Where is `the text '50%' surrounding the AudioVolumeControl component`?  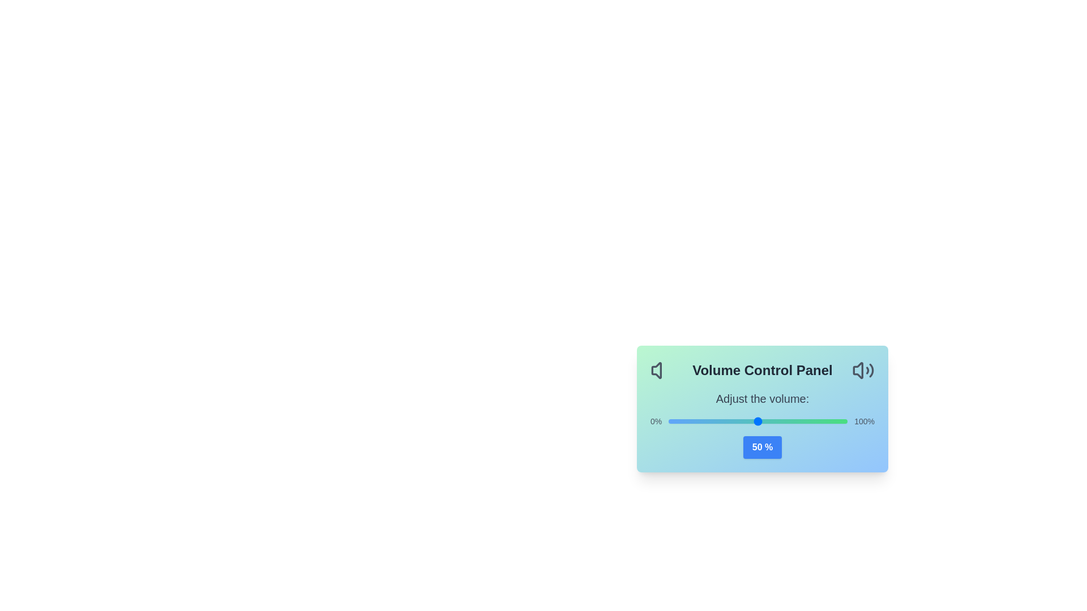
the text '50%' surrounding the AudioVolumeControl component is located at coordinates (763, 446).